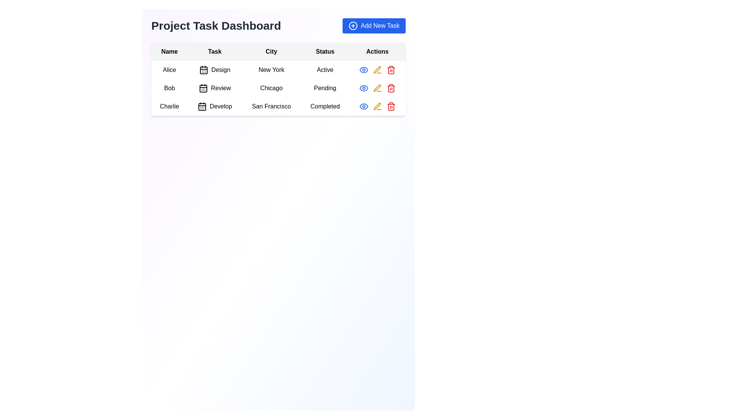  I want to click on the 'Completed' text label in the last row of the table under the 'Status' column, which indicates the task status for 'Charlie', so click(325, 107).